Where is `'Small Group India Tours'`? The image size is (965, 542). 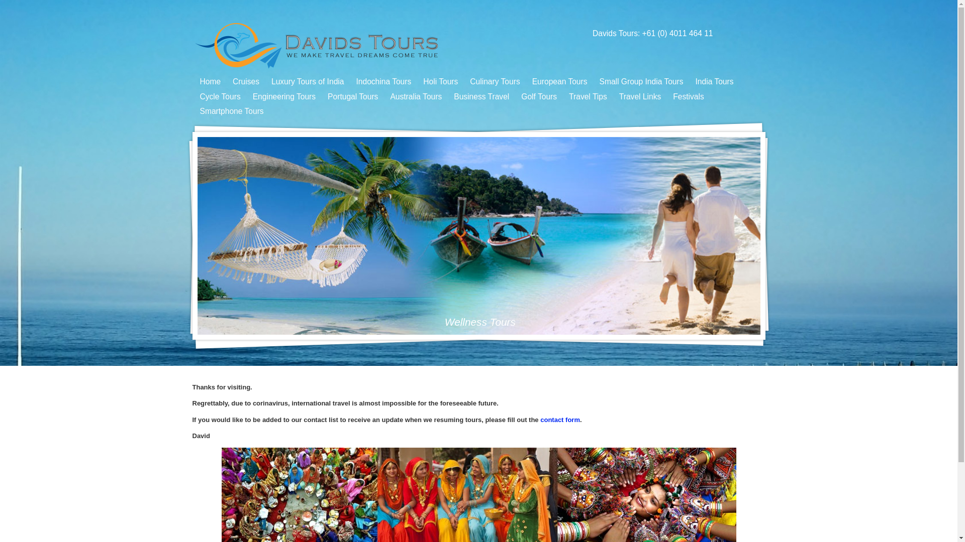
'Small Group India Tours' is located at coordinates (595, 81).